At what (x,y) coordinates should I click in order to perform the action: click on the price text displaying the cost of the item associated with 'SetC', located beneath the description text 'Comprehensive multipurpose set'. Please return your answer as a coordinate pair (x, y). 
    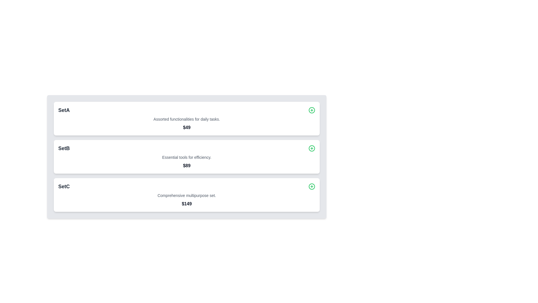
    Looking at the image, I should click on (187, 204).